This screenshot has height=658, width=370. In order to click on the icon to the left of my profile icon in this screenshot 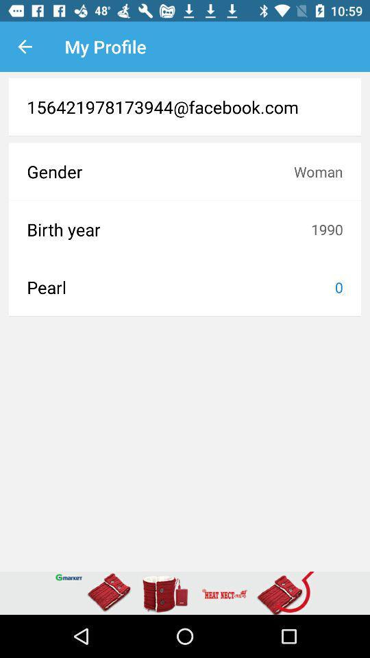, I will do `click(25, 47)`.